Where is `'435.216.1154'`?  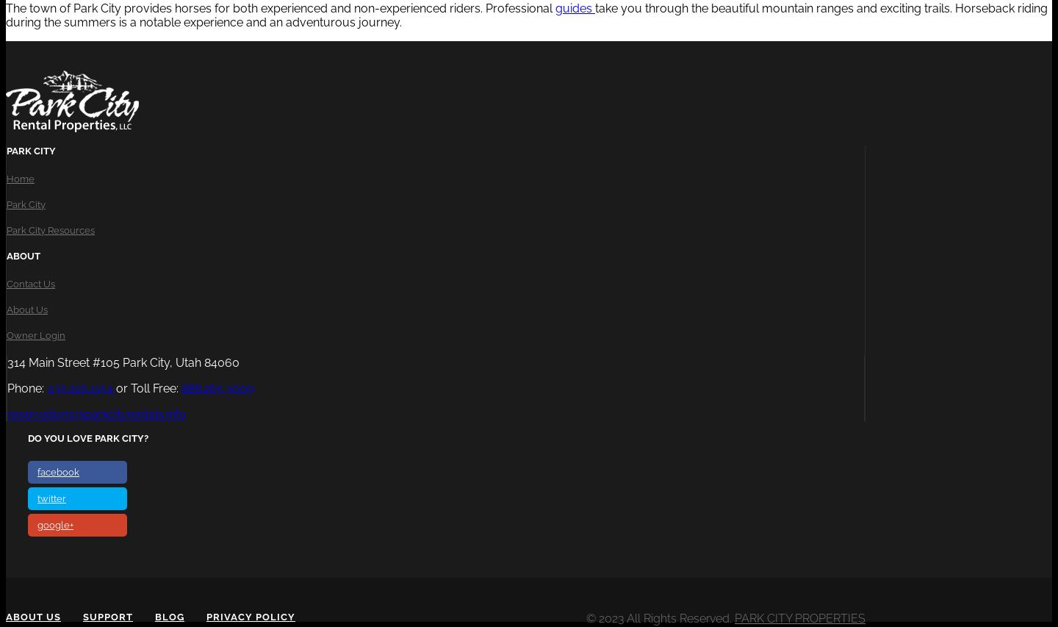
'435.216.1154' is located at coordinates (82, 387).